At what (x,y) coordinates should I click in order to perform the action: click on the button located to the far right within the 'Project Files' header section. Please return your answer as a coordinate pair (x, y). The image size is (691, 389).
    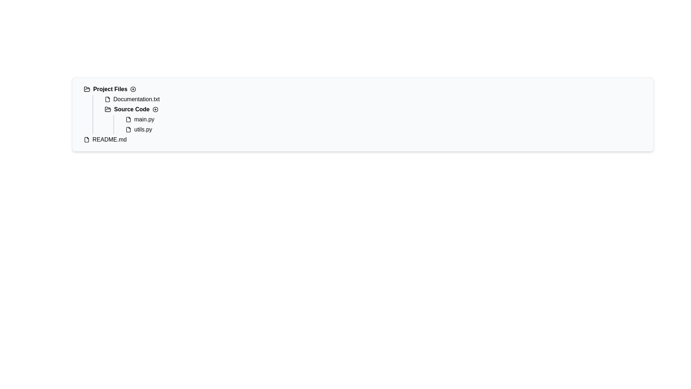
    Looking at the image, I should click on (133, 89).